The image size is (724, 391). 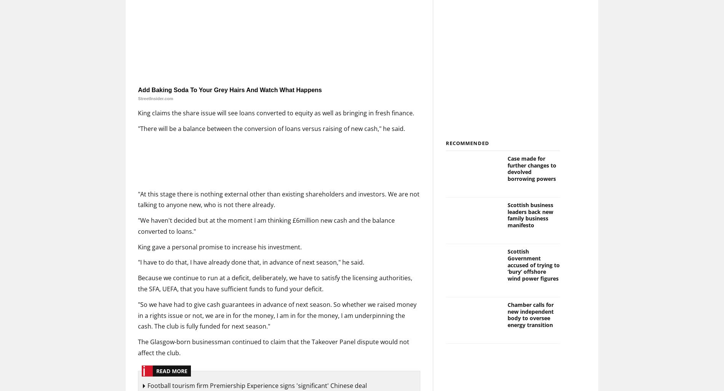 What do you see at coordinates (278, 199) in the screenshot?
I see `'"At this stage there is nothing external other than existing shareholders and investors. We are not talking to anyone new, who is not there already.'` at bounding box center [278, 199].